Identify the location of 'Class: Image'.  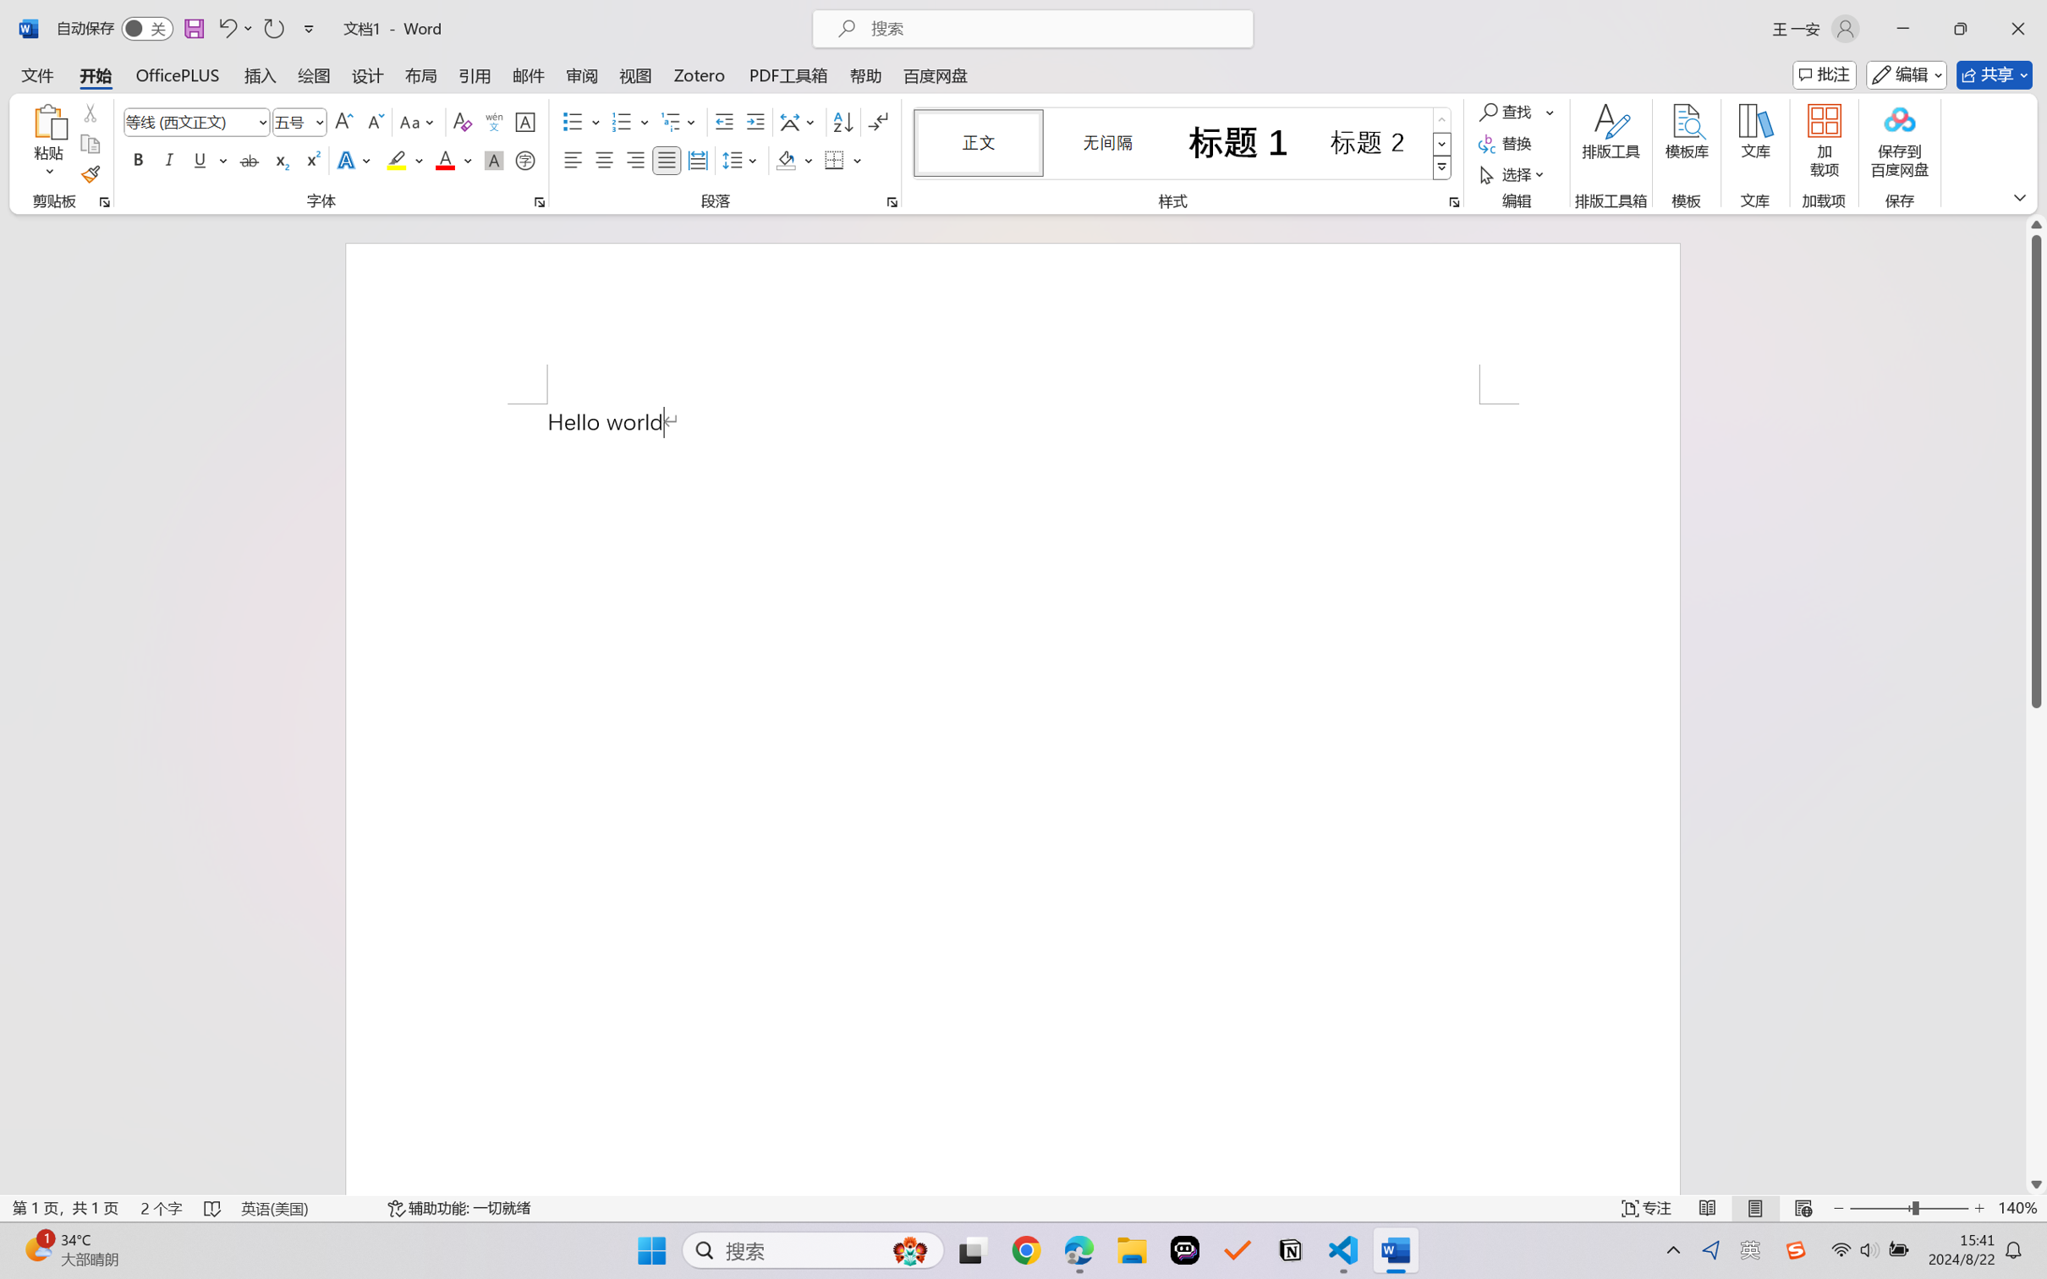
(1795, 1250).